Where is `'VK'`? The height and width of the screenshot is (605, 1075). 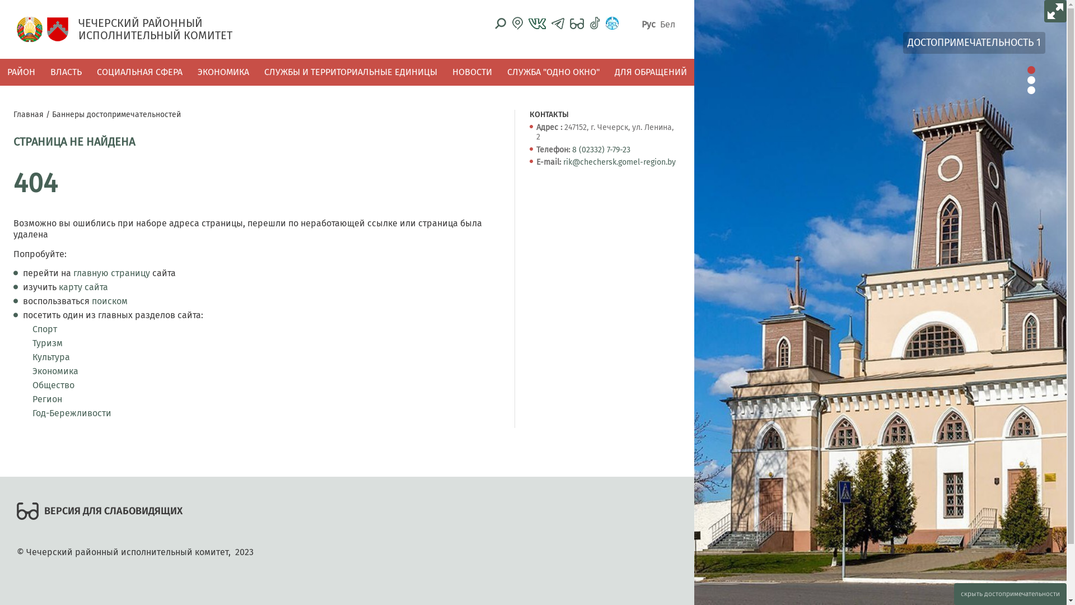 'VK' is located at coordinates (528, 23).